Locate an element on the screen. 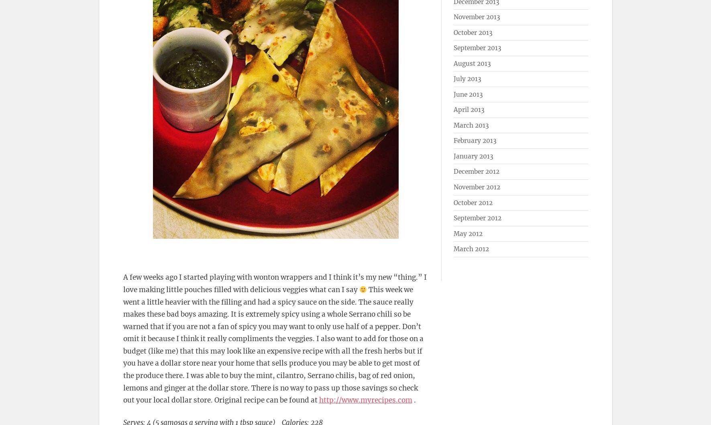  'June 2013' is located at coordinates (468, 94).